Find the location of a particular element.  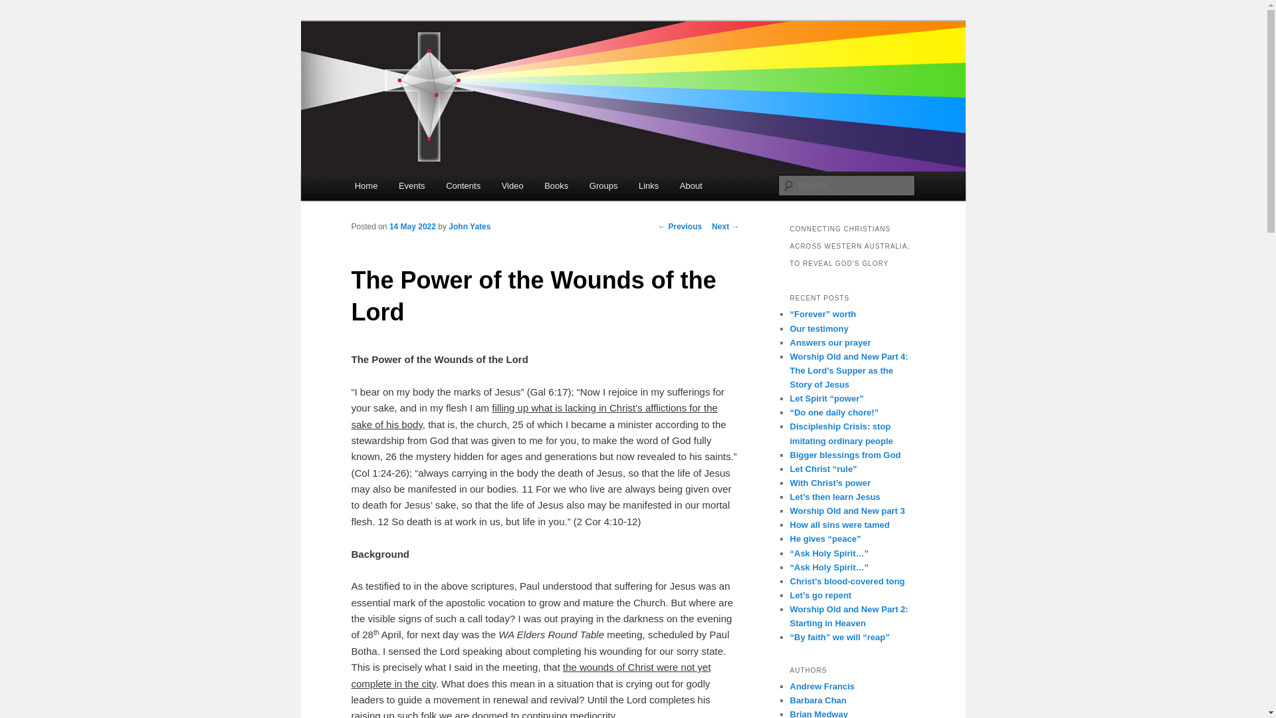

'Skip to primary content' is located at coordinates (413, 187).